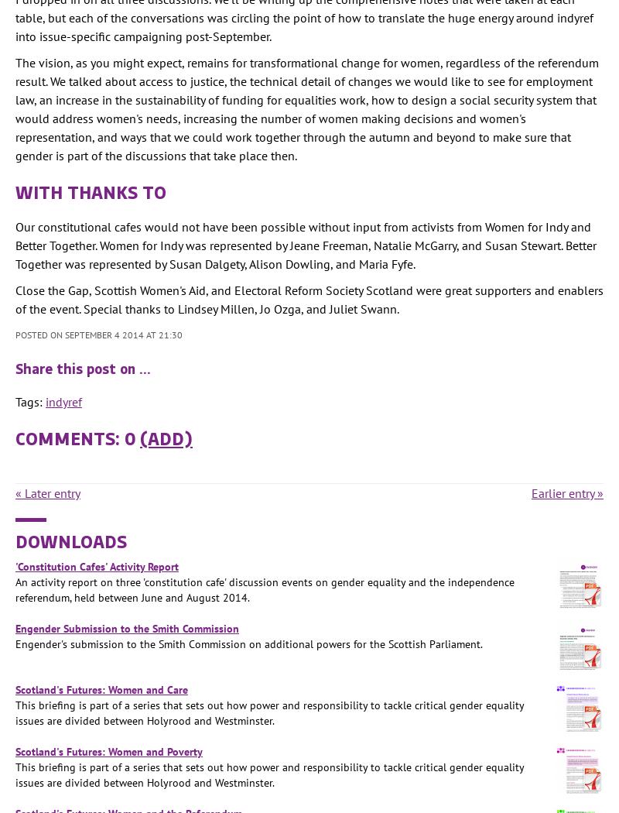 The image size is (619, 813). I want to click on 'With thanks to', so click(90, 190).